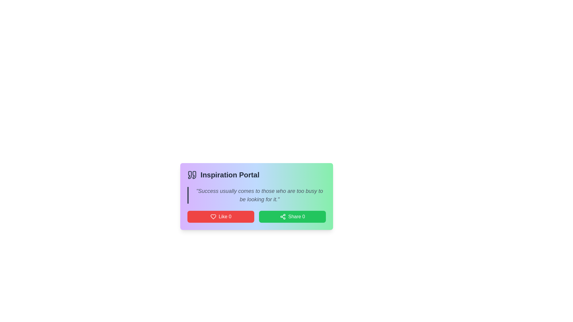 This screenshot has width=573, height=322. What do you see at coordinates (282, 216) in the screenshot?
I see `the share icon represented by a linear graphic consisting of three circles connected by lines, which is centrally positioned within the green 'Share' button labeled 'Share 0'` at bounding box center [282, 216].